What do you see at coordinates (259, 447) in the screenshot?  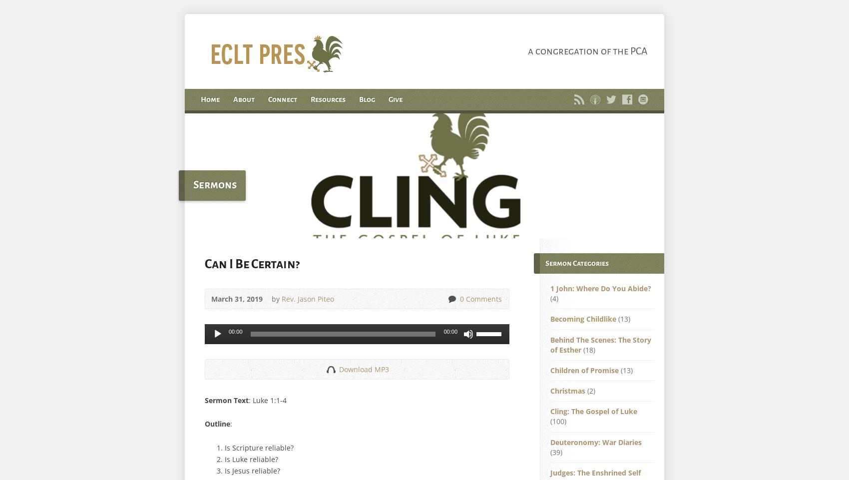 I see `'Is Scripture reliable?'` at bounding box center [259, 447].